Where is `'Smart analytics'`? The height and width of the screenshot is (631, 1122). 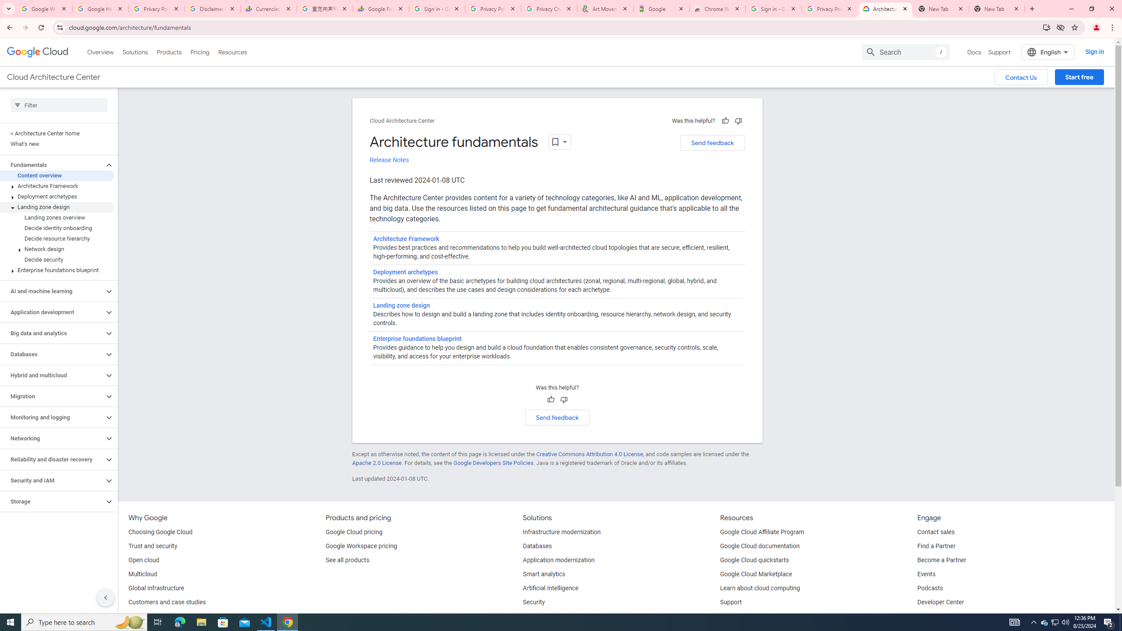
'Smart analytics' is located at coordinates (543, 574).